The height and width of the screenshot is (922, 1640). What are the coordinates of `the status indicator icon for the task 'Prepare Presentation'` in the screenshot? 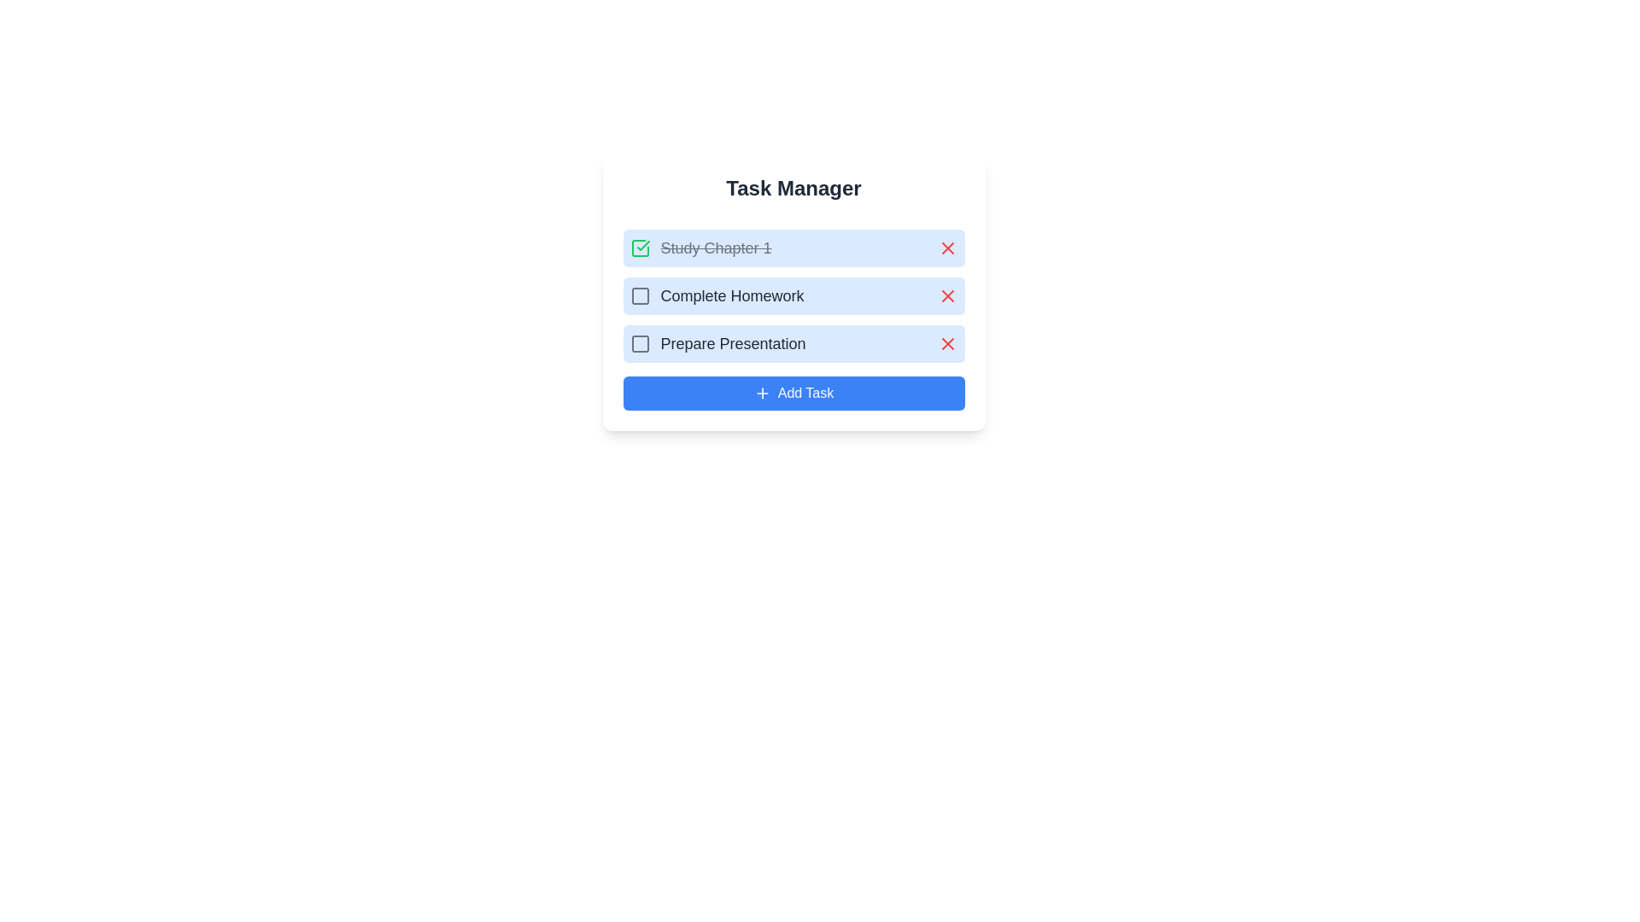 It's located at (639, 343).